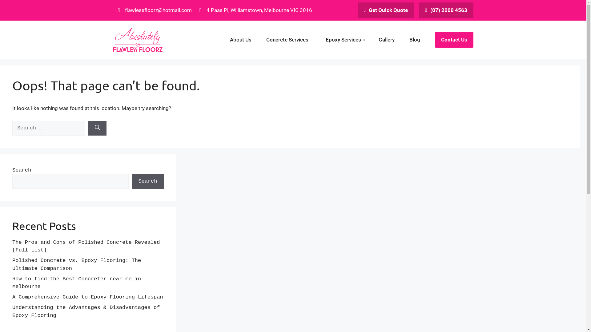 The image size is (591, 332). What do you see at coordinates (385, 10) in the screenshot?
I see `'Get Quick Quote'` at bounding box center [385, 10].